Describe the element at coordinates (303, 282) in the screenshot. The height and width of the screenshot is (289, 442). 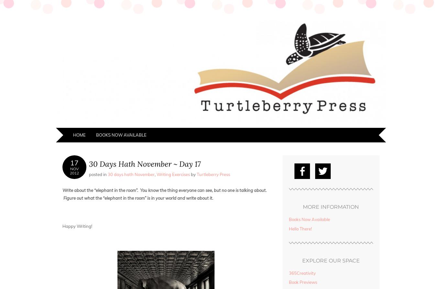
I see `'Book Previews'` at that location.